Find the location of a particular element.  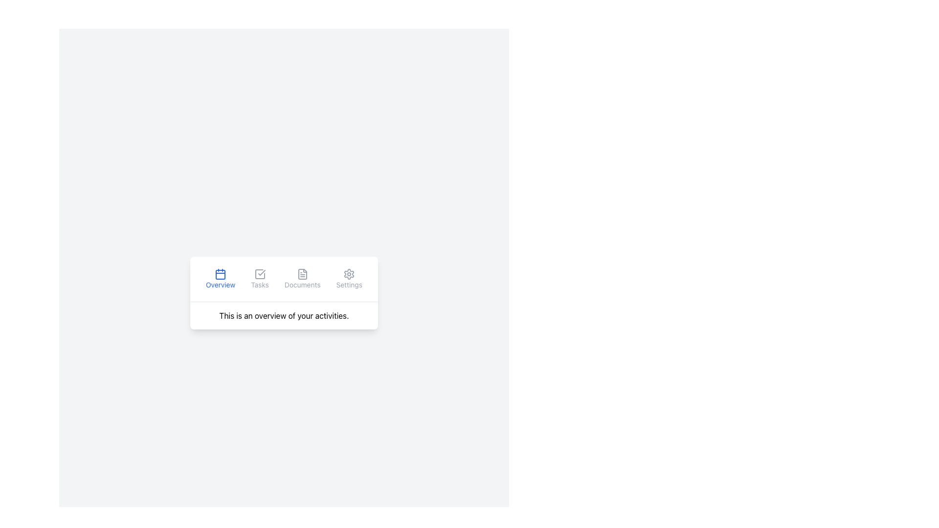

the 'Tasks' button, which features a checkmark icon above the text label 'Tasks' is located at coordinates (260, 279).